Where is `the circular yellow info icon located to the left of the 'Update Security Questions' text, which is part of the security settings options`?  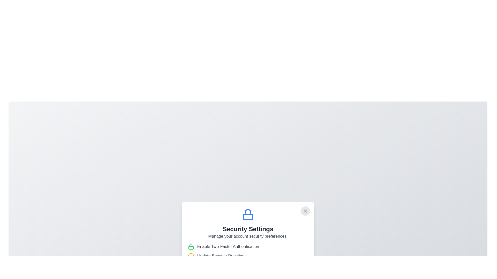
the circular yellow info icon located to the left of the 'Update Security Questions' text, which is part of the security settings options is located at coordinates (191, 256).